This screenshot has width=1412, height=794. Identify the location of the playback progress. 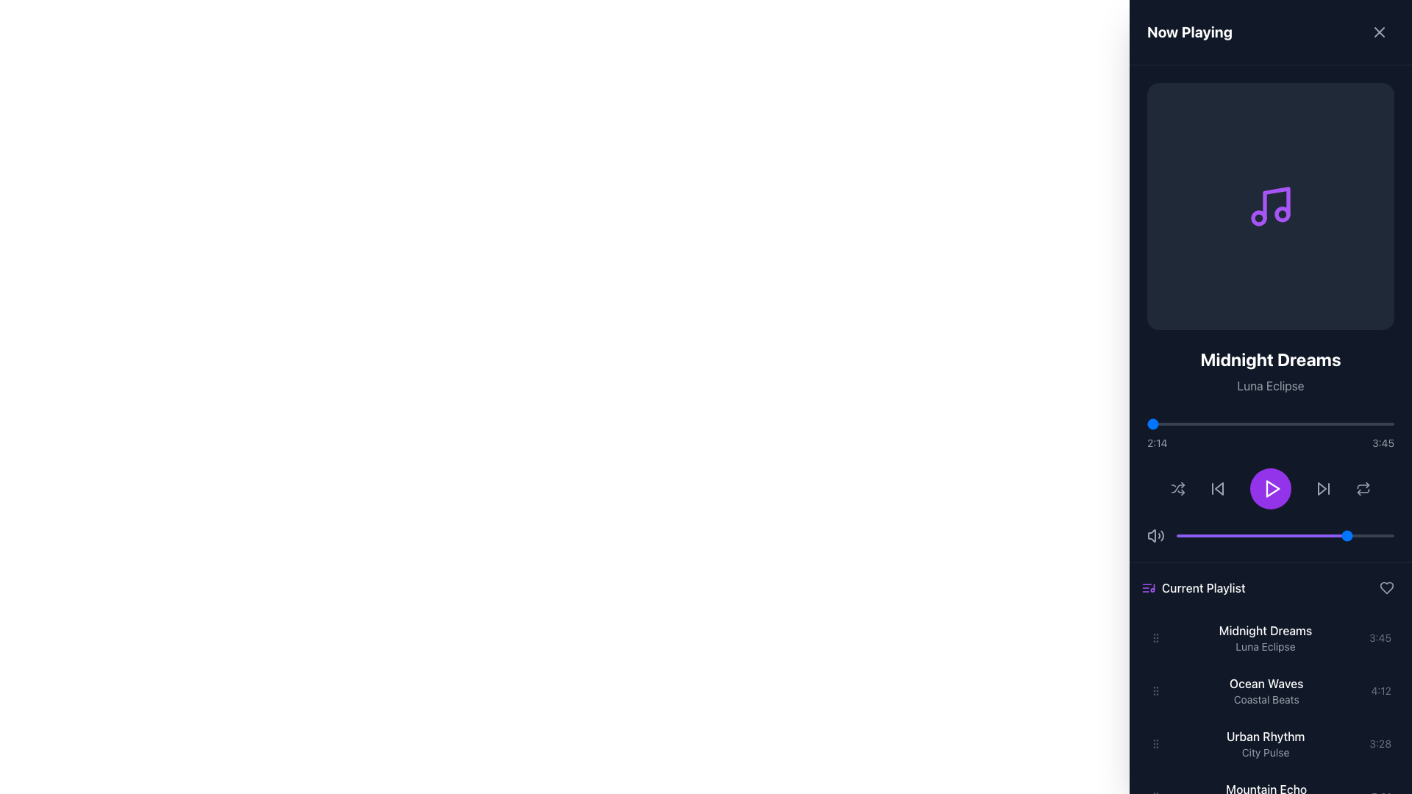
(1250, 424).